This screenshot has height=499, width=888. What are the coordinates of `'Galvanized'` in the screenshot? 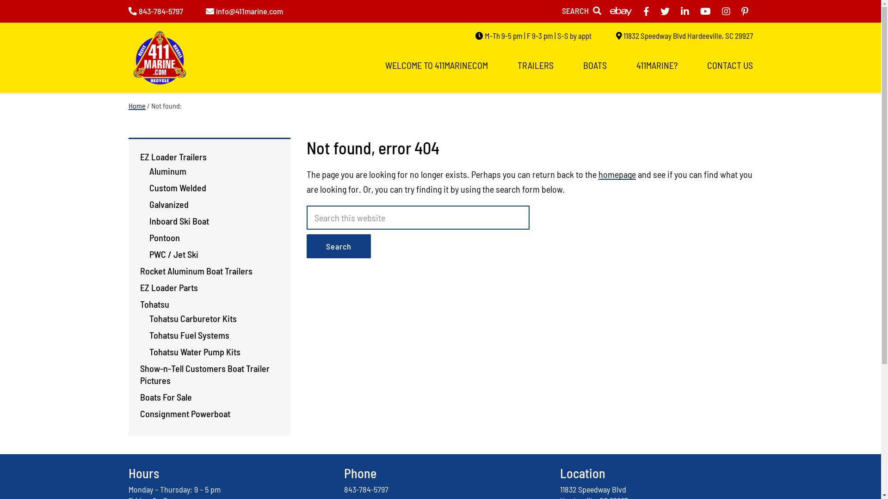 It's located at (168, 204).